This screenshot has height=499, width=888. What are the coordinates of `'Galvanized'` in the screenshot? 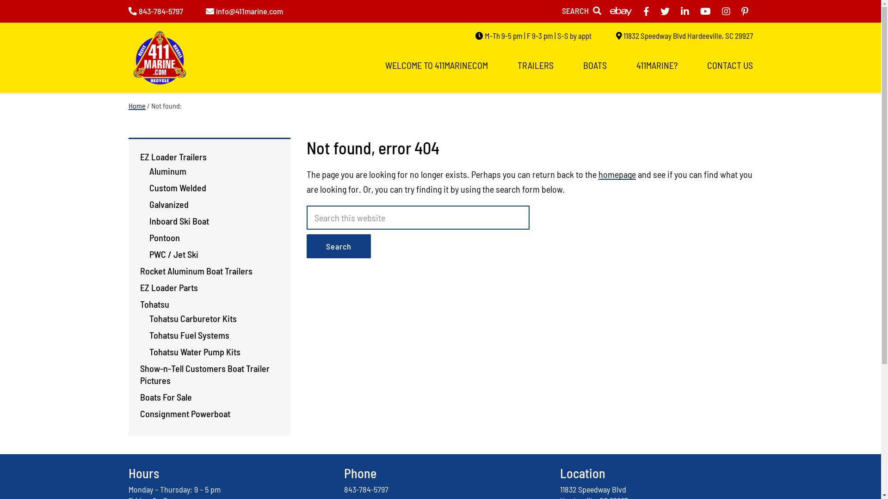 It's located at (168, 204).